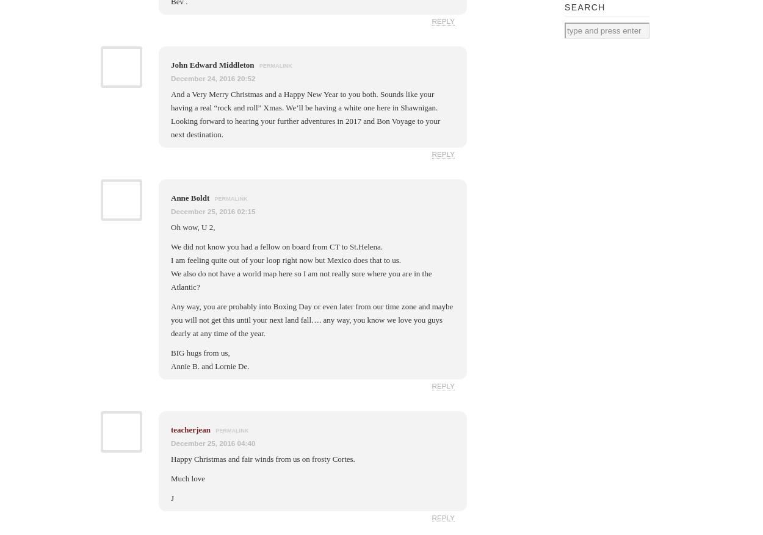  I want to click on 'BIG hugs from us,', so click(200, 353).